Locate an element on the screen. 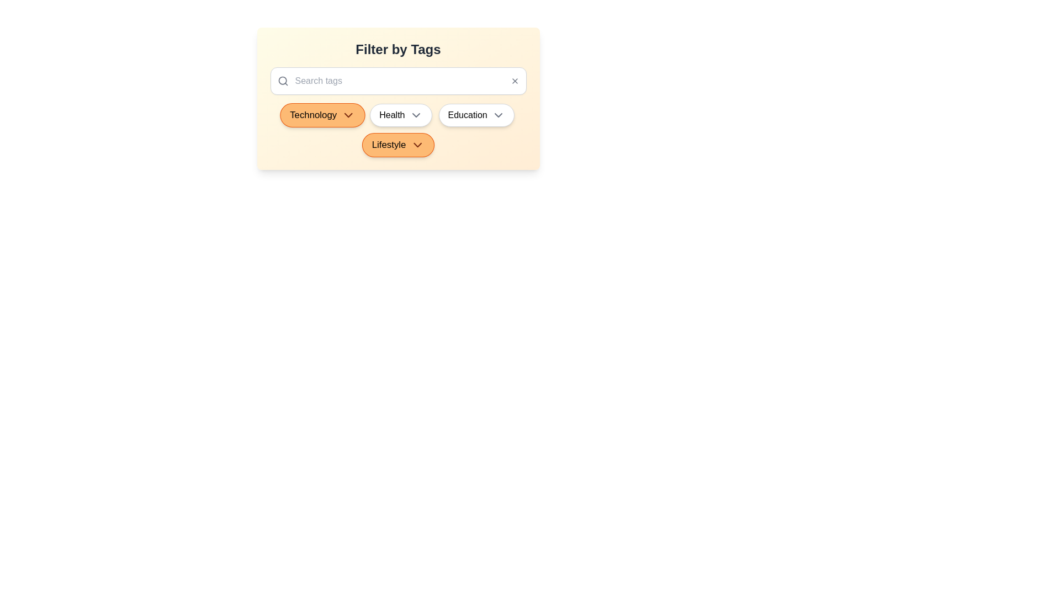  the tag Health is located at coordinates (400, 115).